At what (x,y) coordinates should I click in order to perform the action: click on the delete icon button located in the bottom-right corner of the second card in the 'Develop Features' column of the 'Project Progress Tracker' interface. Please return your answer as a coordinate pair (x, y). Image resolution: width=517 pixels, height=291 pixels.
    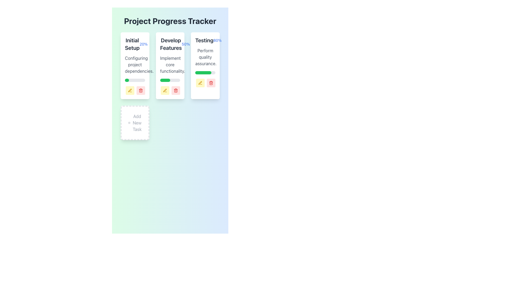
    Looking at the image, I should click on (141, 90).